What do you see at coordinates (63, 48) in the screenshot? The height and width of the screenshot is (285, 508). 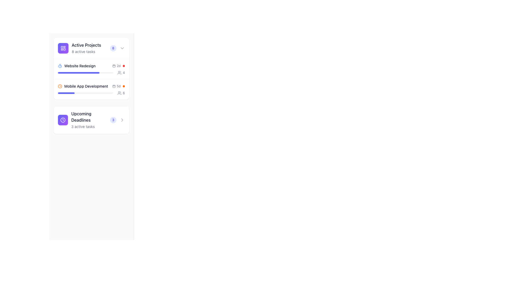 I see `the icon consisting of four rectangular blocks arranged in a 2x2 grid, which is styled with rounded corners and is located at the top-left corner of the 'Active Projects' card` at bounding box center [63, 48].